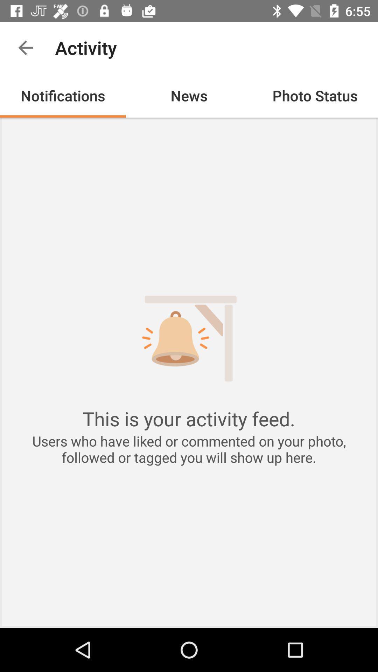 The image size is (378, 672). I want to click on item above notifications icon, so click(25, 47).